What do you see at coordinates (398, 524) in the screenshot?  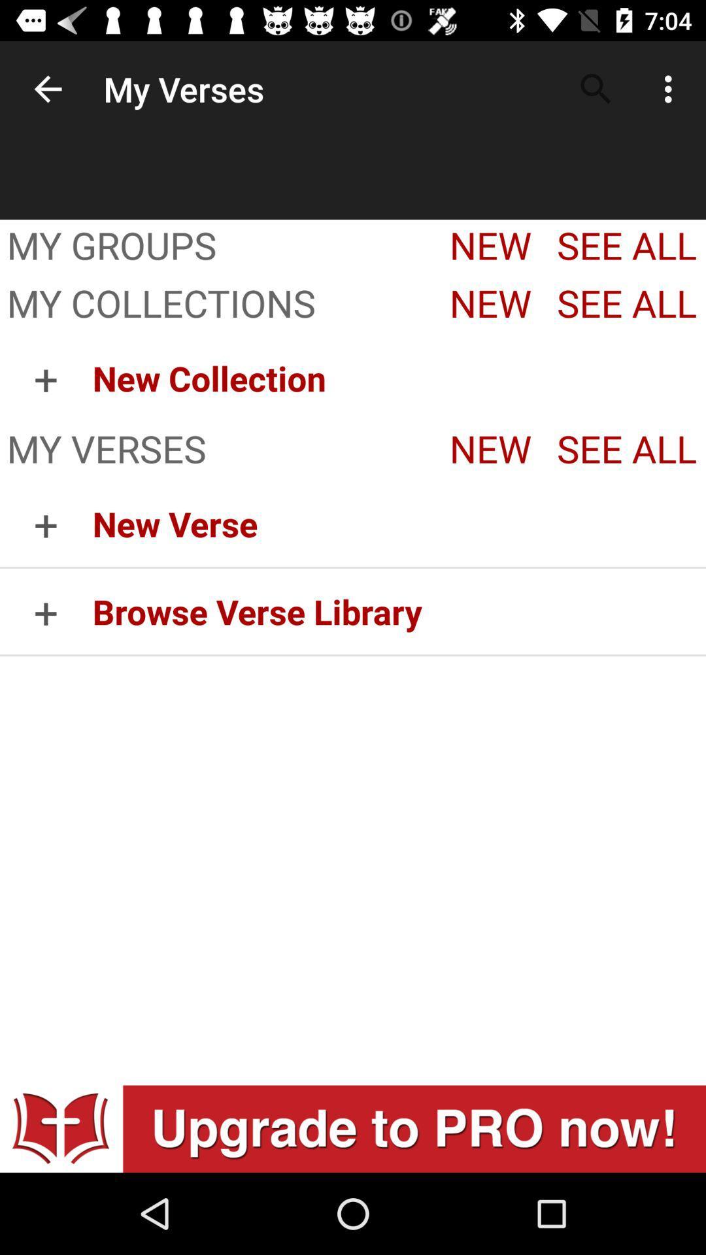 I see `new verse app` at bounding box center [398, 524].